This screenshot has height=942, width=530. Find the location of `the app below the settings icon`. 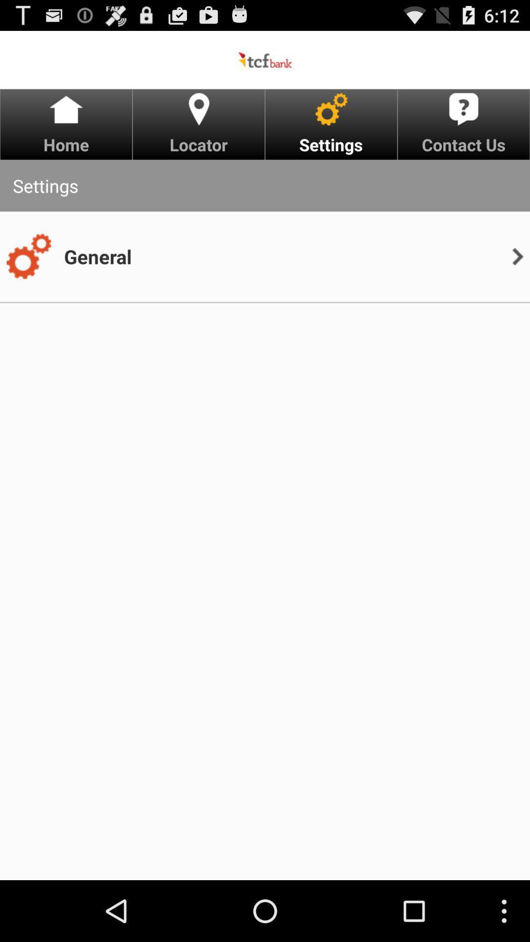

the app below the settings icon is located at coordinates (98, 257).